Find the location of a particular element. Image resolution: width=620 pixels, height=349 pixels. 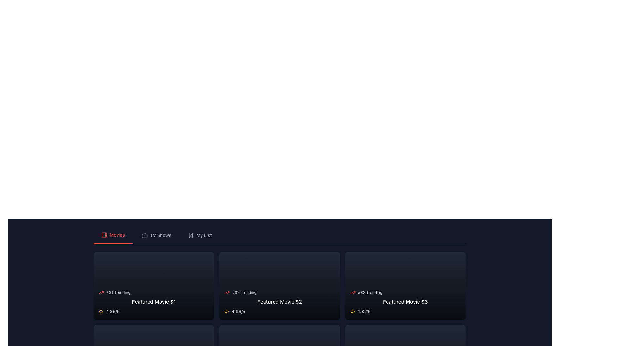

the trending icon located to the left of the text '#$2 Trending' is located at coordinates (227, 293).